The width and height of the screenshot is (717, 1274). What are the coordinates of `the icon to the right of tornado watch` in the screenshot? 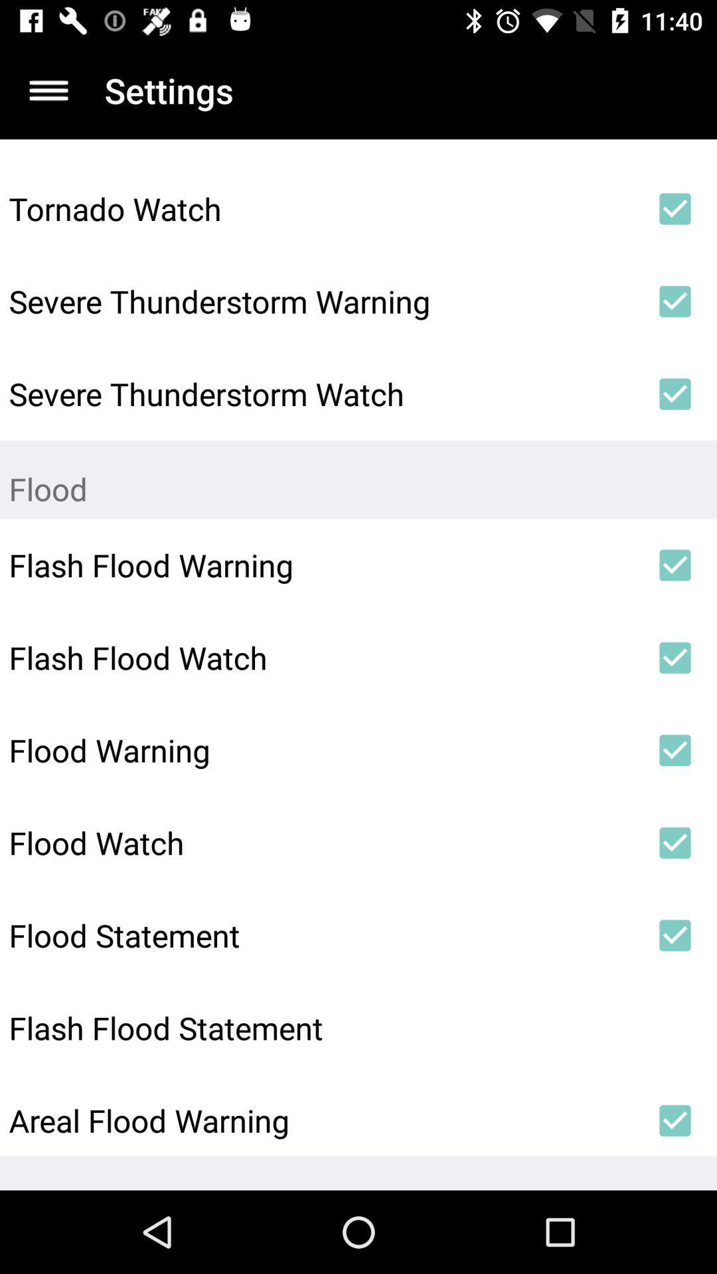 It's located at (675, 208).